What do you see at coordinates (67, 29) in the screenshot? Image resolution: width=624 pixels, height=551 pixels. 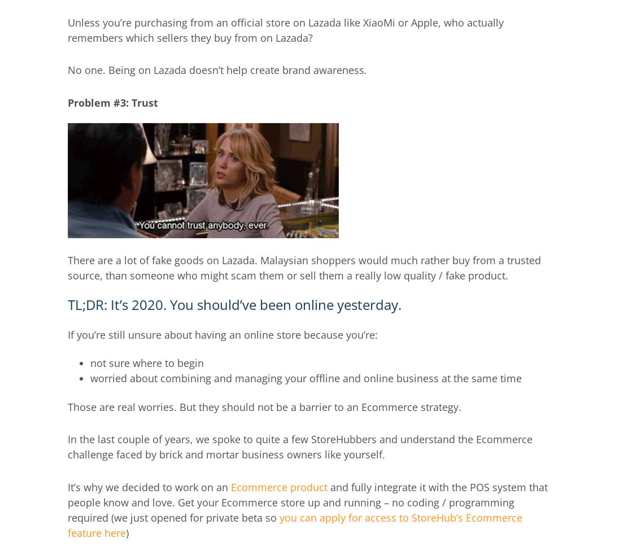 I see `'Unless you’re purchasing from an official store on Lazada like XiaoMi or Apple, who actually remembers which sellers they buy from on Lazada?'` at bounding box center [67, 29].